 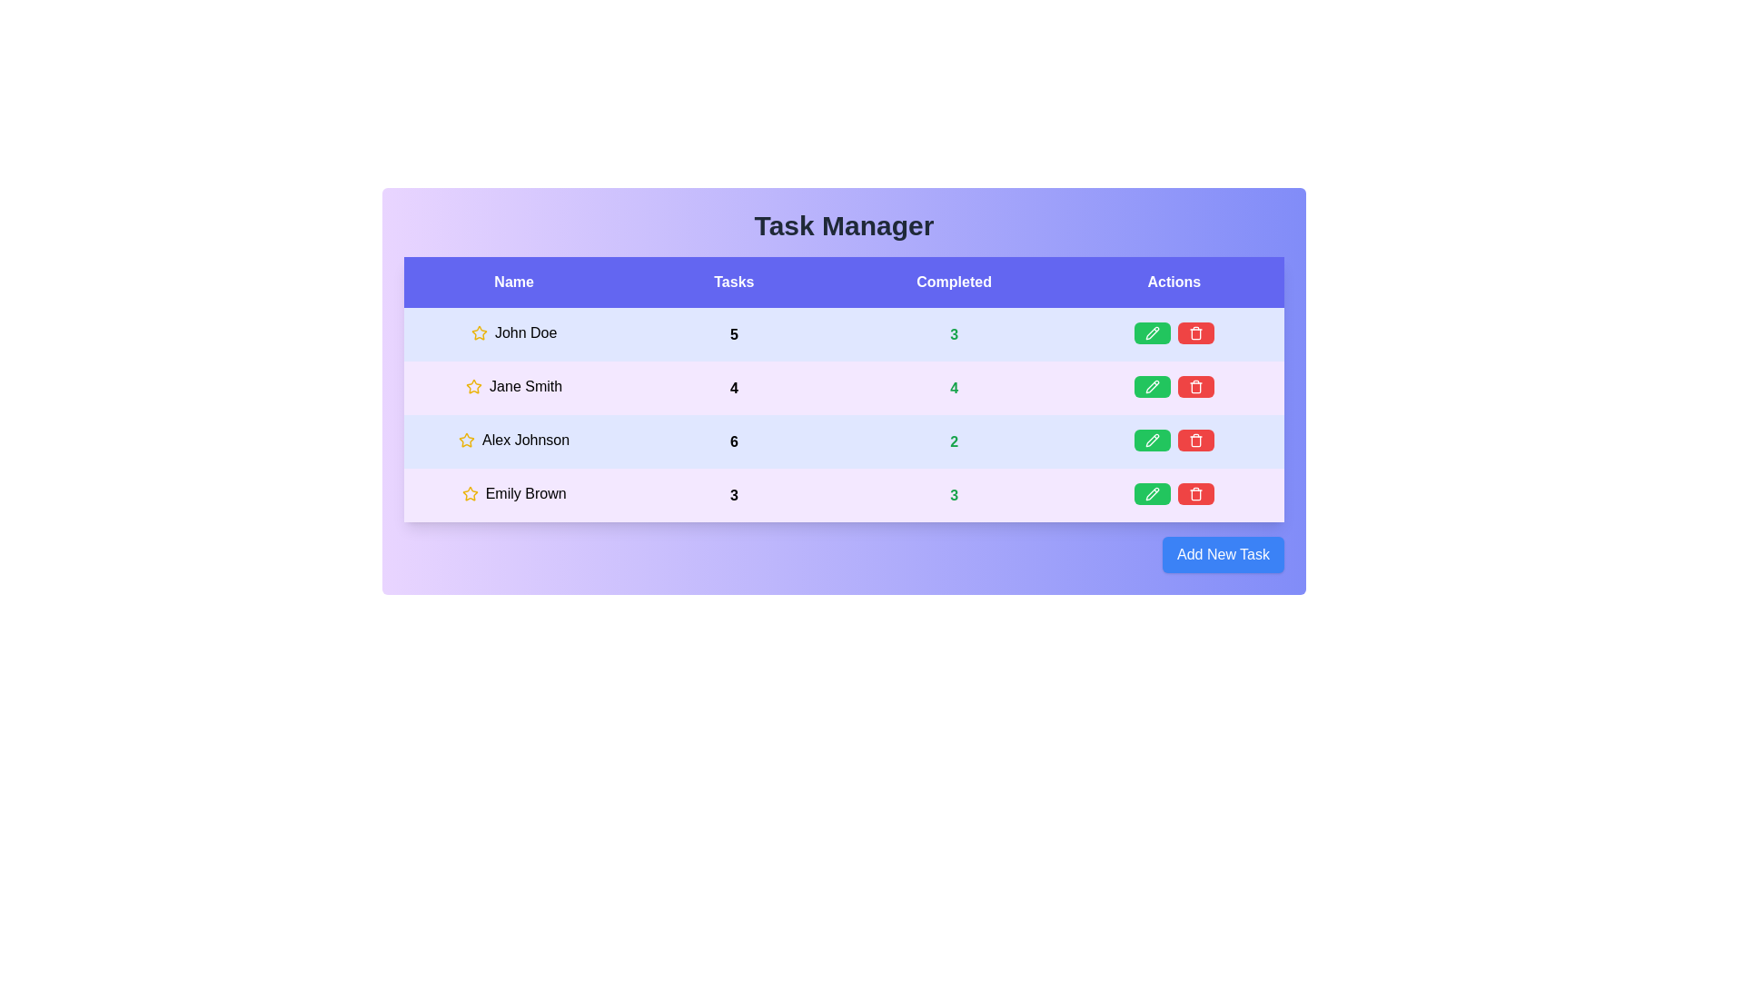 I want to click on red trash icon to delete the task for Emily Brown, so click(x=1195, y=493).